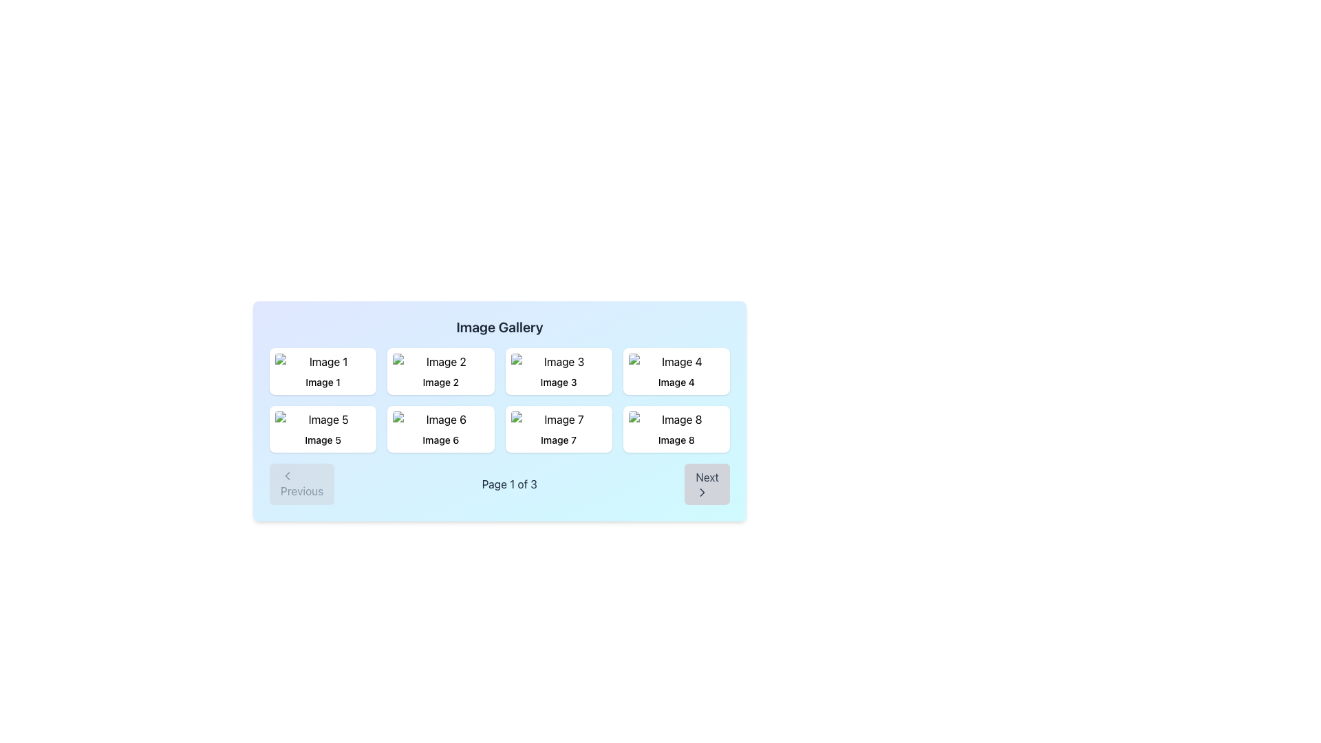 Image resolution: width=1321 pixels, height=743 pixels. I want to click on the right-facing chevron icon within the 'Next' button located at the bottom right corner of the interface, which indicates the 'Next' option for navigating through pages, so click(702, 492).